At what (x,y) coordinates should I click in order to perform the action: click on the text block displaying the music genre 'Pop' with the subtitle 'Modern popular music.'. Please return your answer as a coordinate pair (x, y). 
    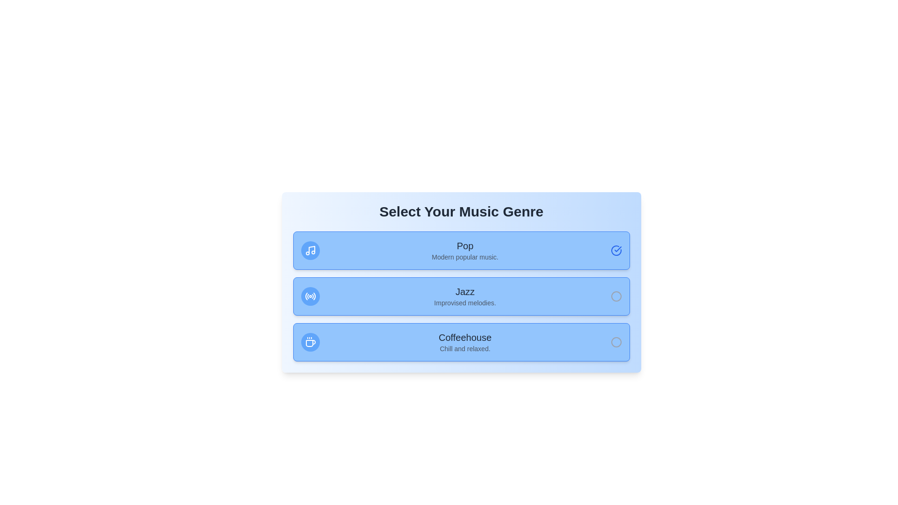
    Looking at the image, I should click on (465, 250).